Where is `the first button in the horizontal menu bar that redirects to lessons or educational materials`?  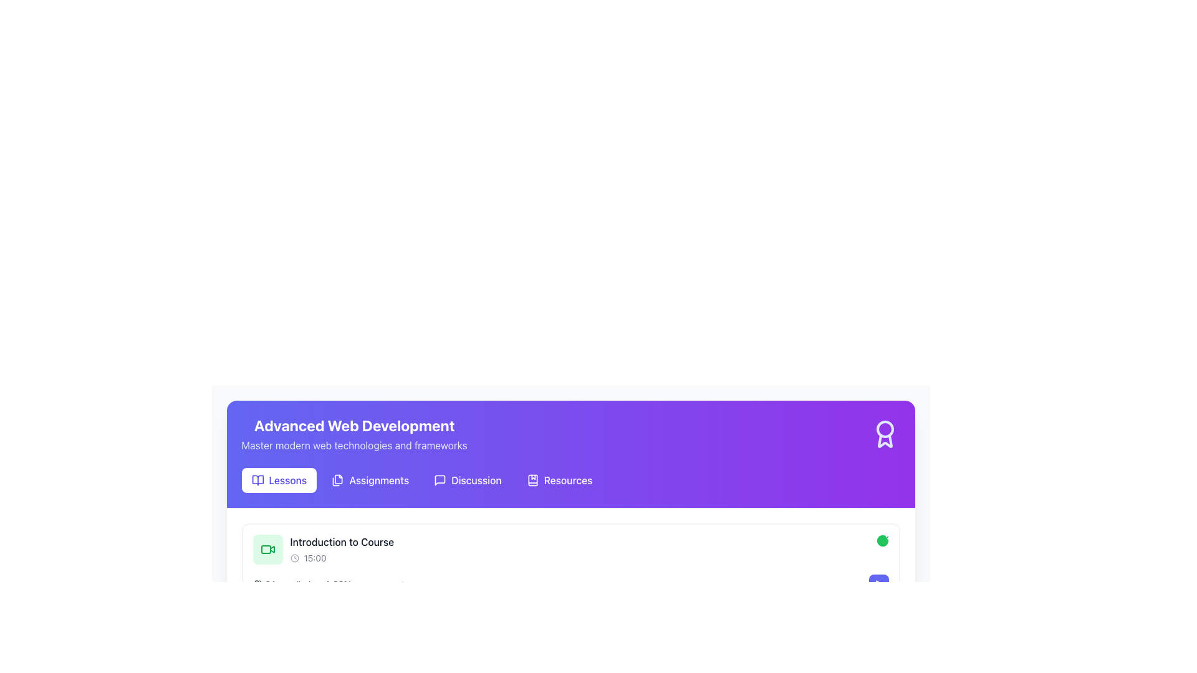 the first button in the horizontal menu bar that redirects to lessons or educational materials is located at coordinates (278, 480).